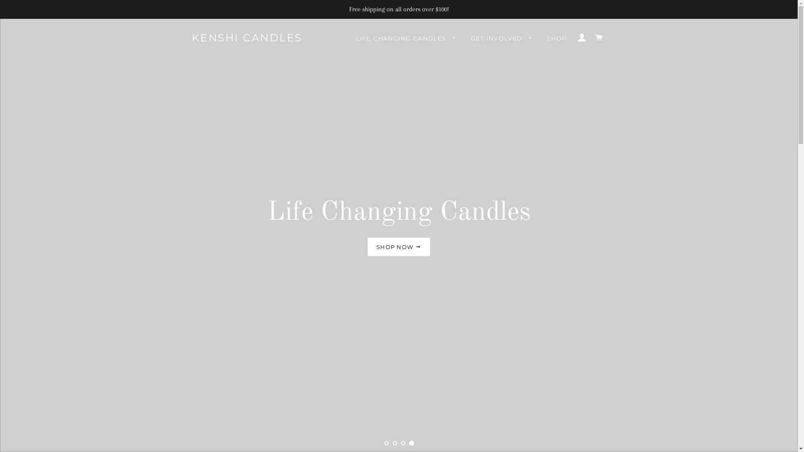 The width and height of the screenshot is (804, 452). Describe the element at coordinates (385, 442) in the screenshot. I see `'1'` at that location.